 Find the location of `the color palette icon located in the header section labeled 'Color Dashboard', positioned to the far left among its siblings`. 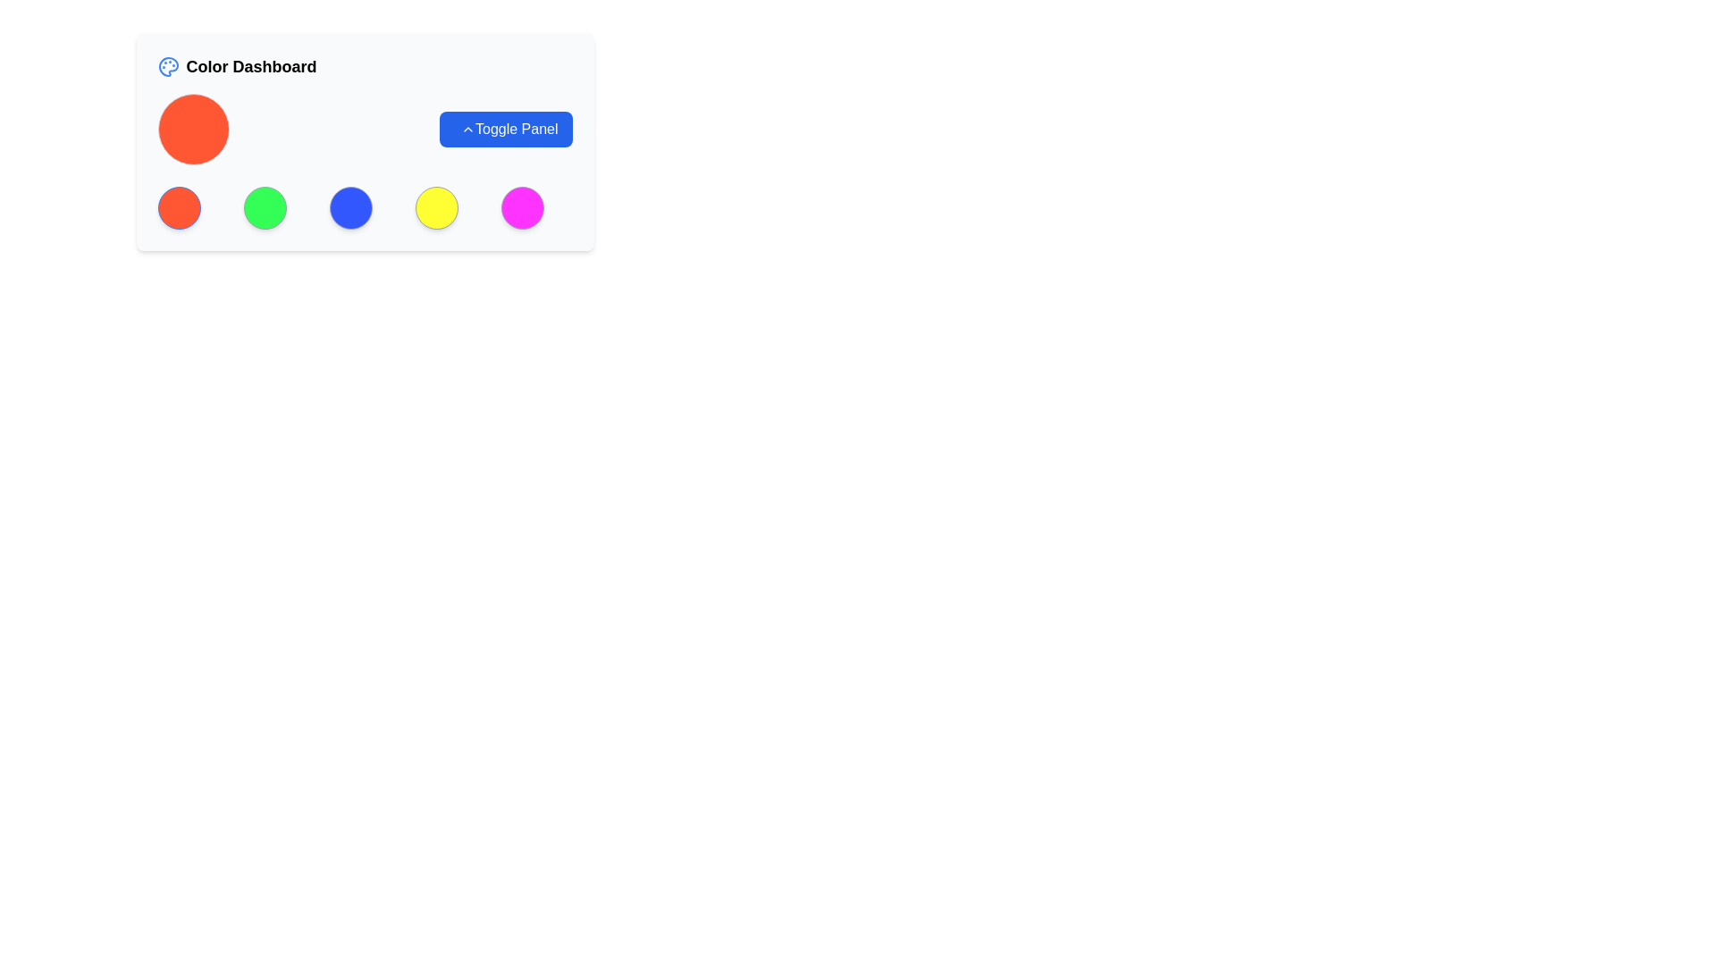

the color palette icon located in the header section labeled 'Color Dashboard', positioned to the far left among its siblings is located at coordinates (168, 65).